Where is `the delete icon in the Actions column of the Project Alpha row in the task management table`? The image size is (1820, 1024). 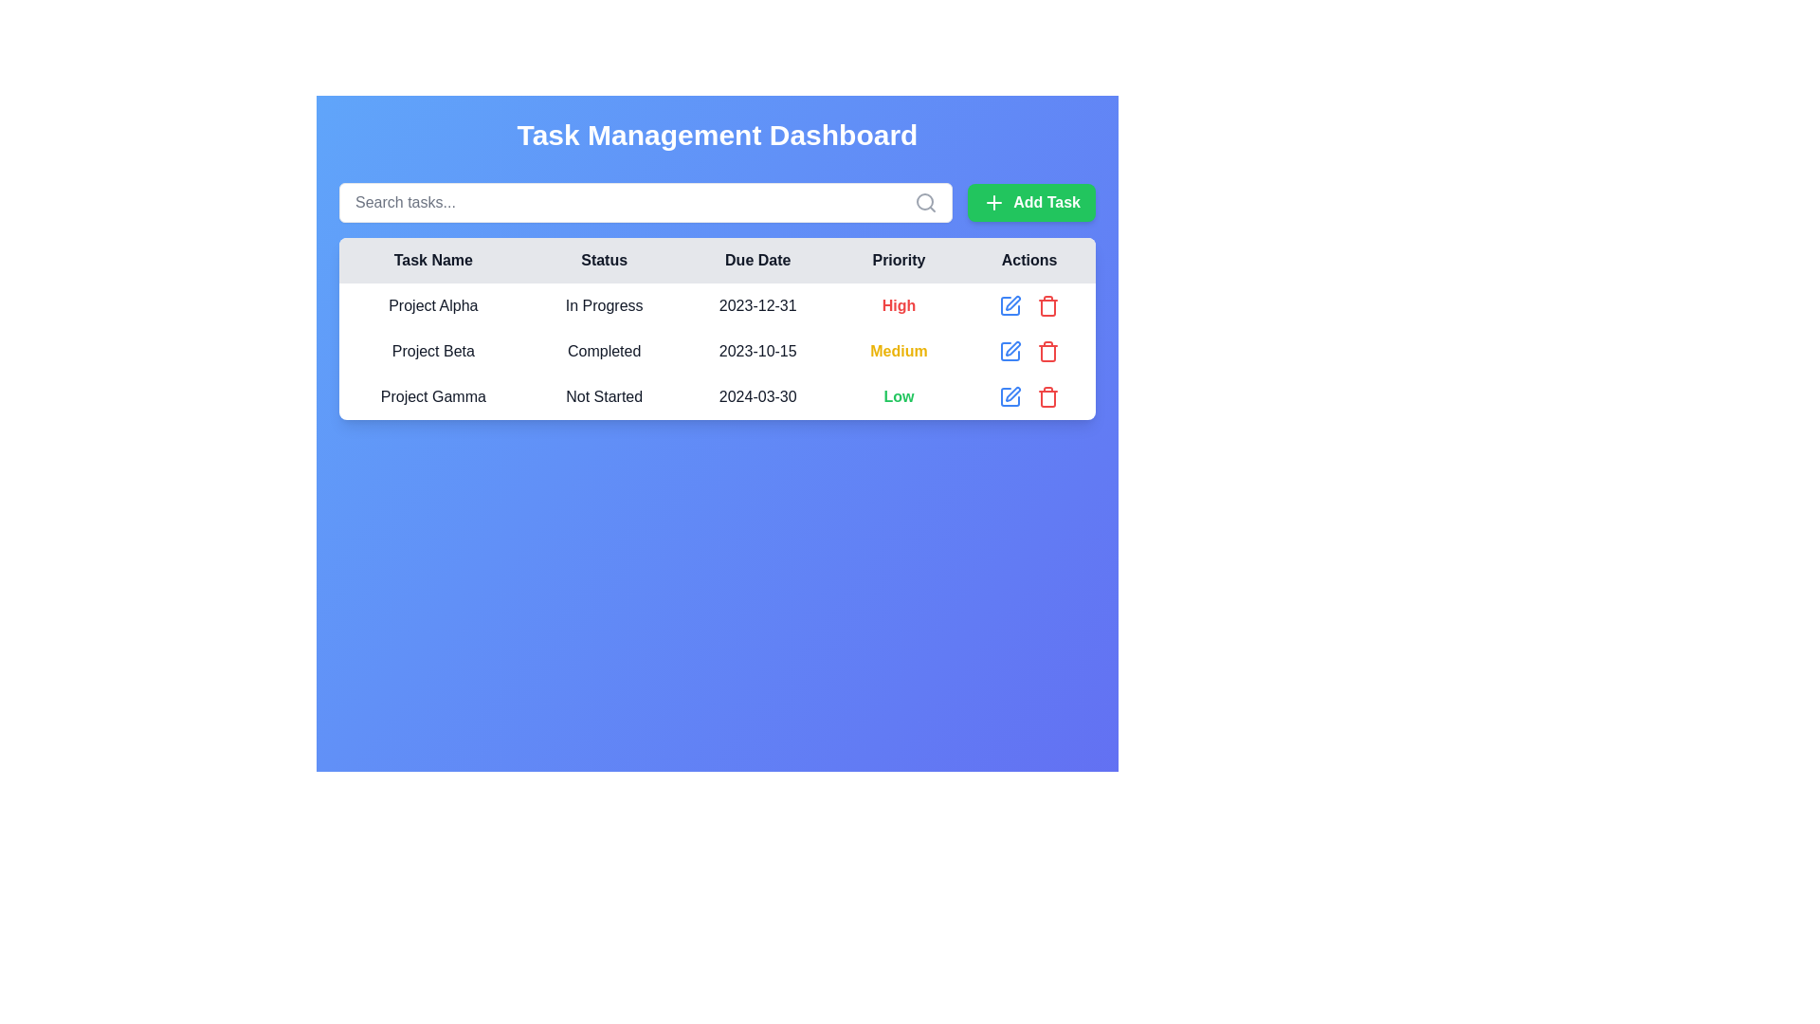
the delete icon in the Actions column of the Project Alpha row in the task management table is located at coordinates (1028, 305).